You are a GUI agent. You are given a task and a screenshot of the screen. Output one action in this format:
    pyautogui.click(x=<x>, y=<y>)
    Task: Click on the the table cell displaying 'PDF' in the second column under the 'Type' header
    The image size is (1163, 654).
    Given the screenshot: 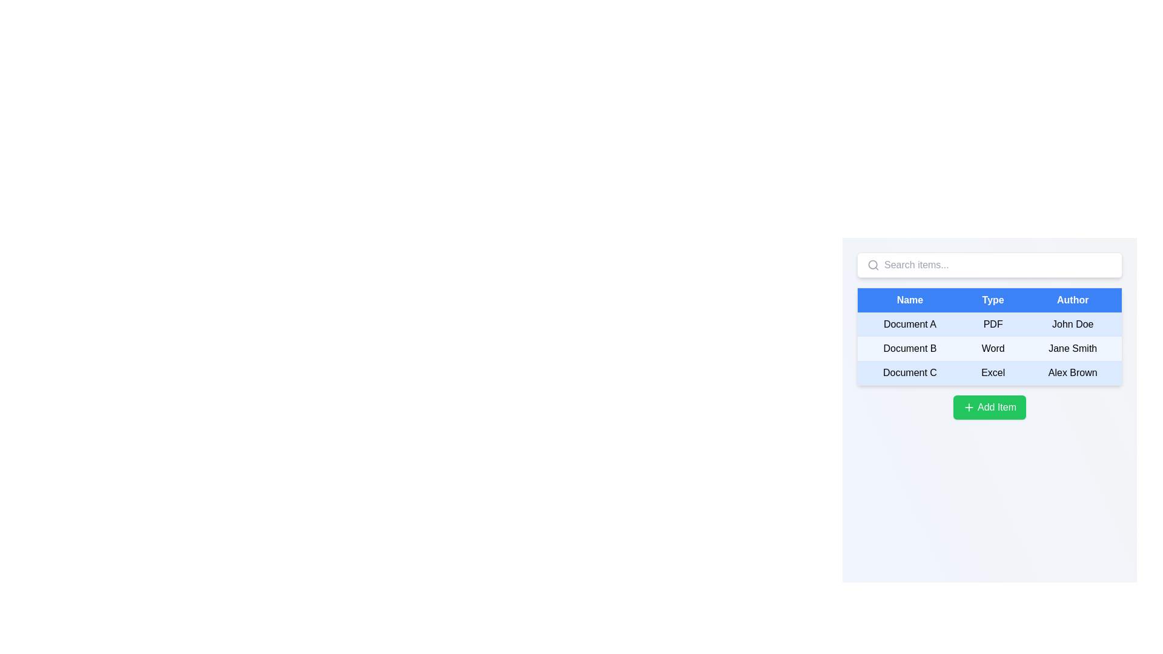 What is the action you would take?
    pyautogui.click(x=989, y=324)
    